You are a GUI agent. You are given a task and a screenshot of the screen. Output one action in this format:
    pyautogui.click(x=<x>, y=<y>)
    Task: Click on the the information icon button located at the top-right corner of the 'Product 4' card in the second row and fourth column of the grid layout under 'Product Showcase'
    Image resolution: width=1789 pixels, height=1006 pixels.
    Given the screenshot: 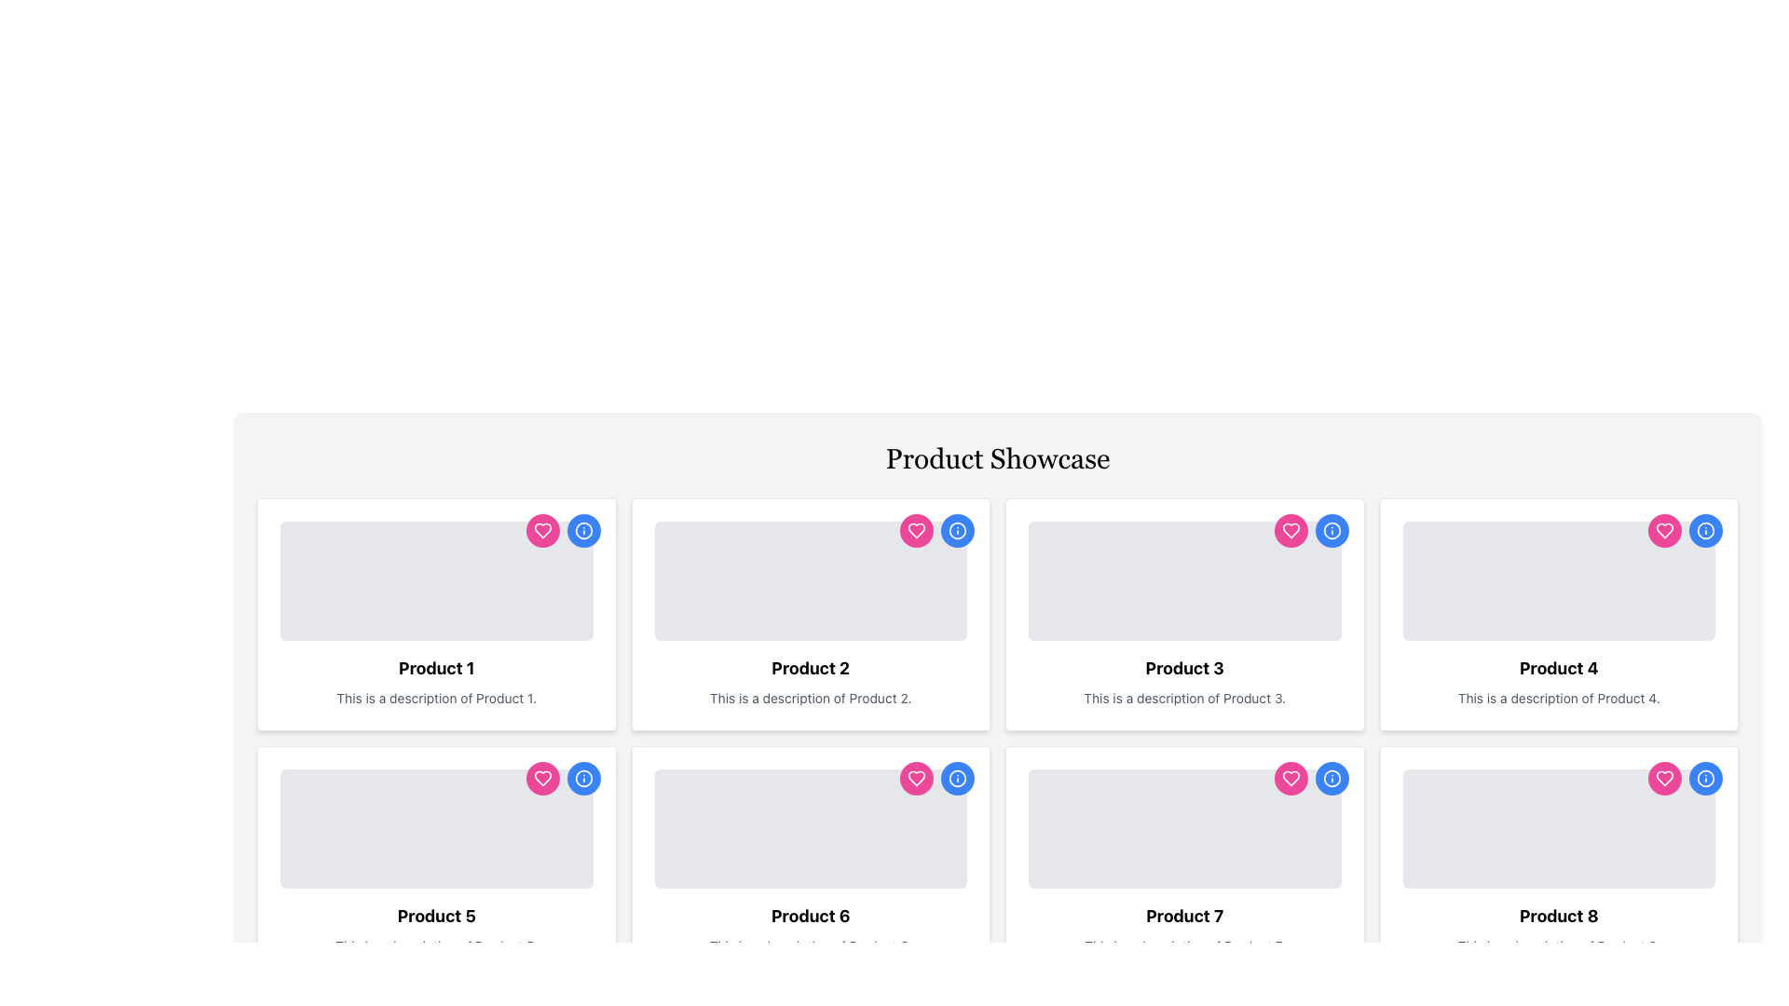 What is the action you would take?
    pyautogui.click(x=1705, y=531)
    